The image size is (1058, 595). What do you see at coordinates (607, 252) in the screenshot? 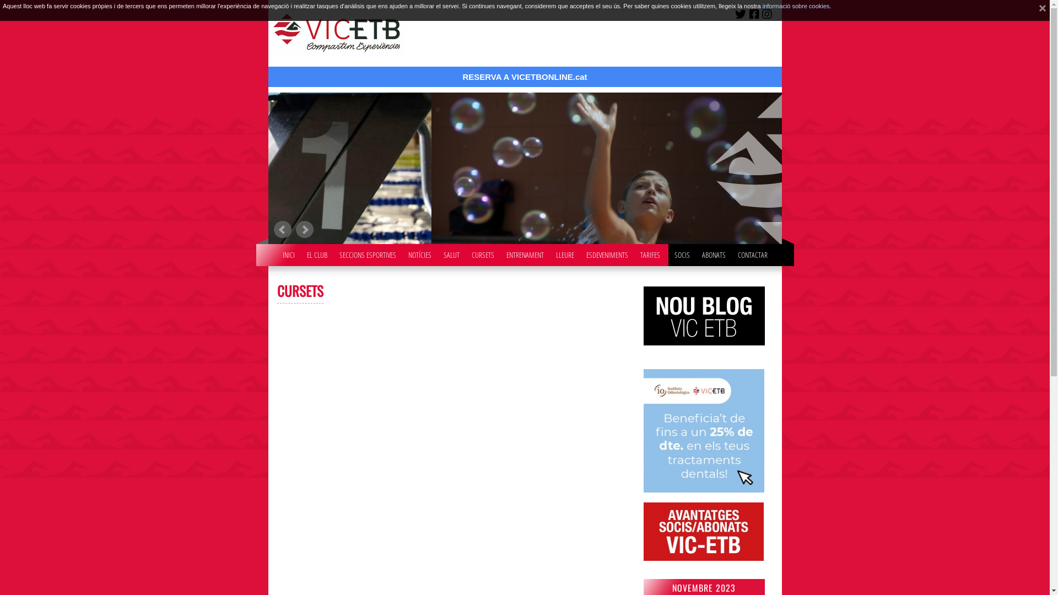
I see `'ESDEVENIMENTS'` at bounding box center [607, 252].